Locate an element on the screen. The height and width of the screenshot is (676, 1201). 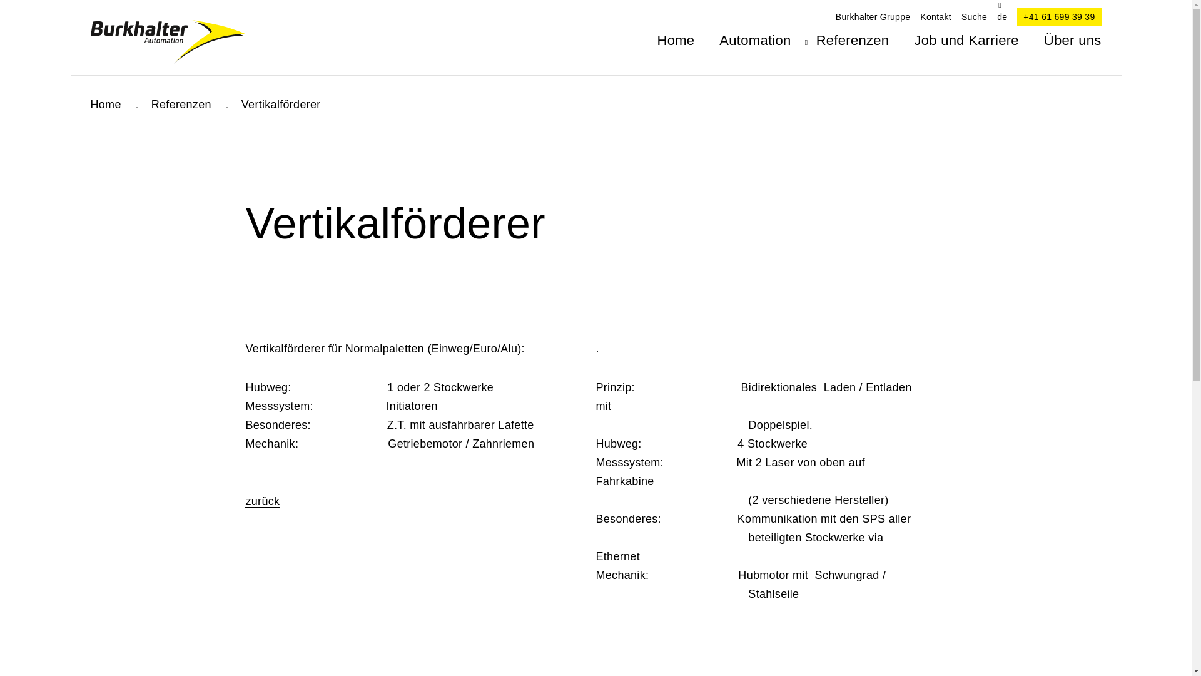
'Suche' is located at coordinates (973, 17).